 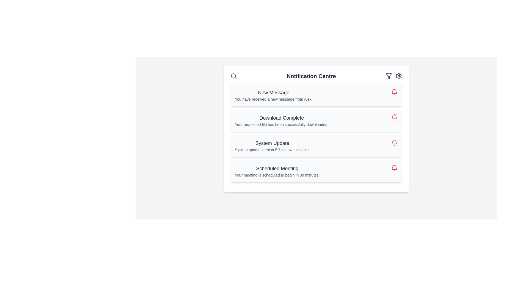 I want to click on the red bell-shaped icon button located in the right corner of the second notification card, which is below 'New Message' and above 'System Update', so click(x=394, y=117).